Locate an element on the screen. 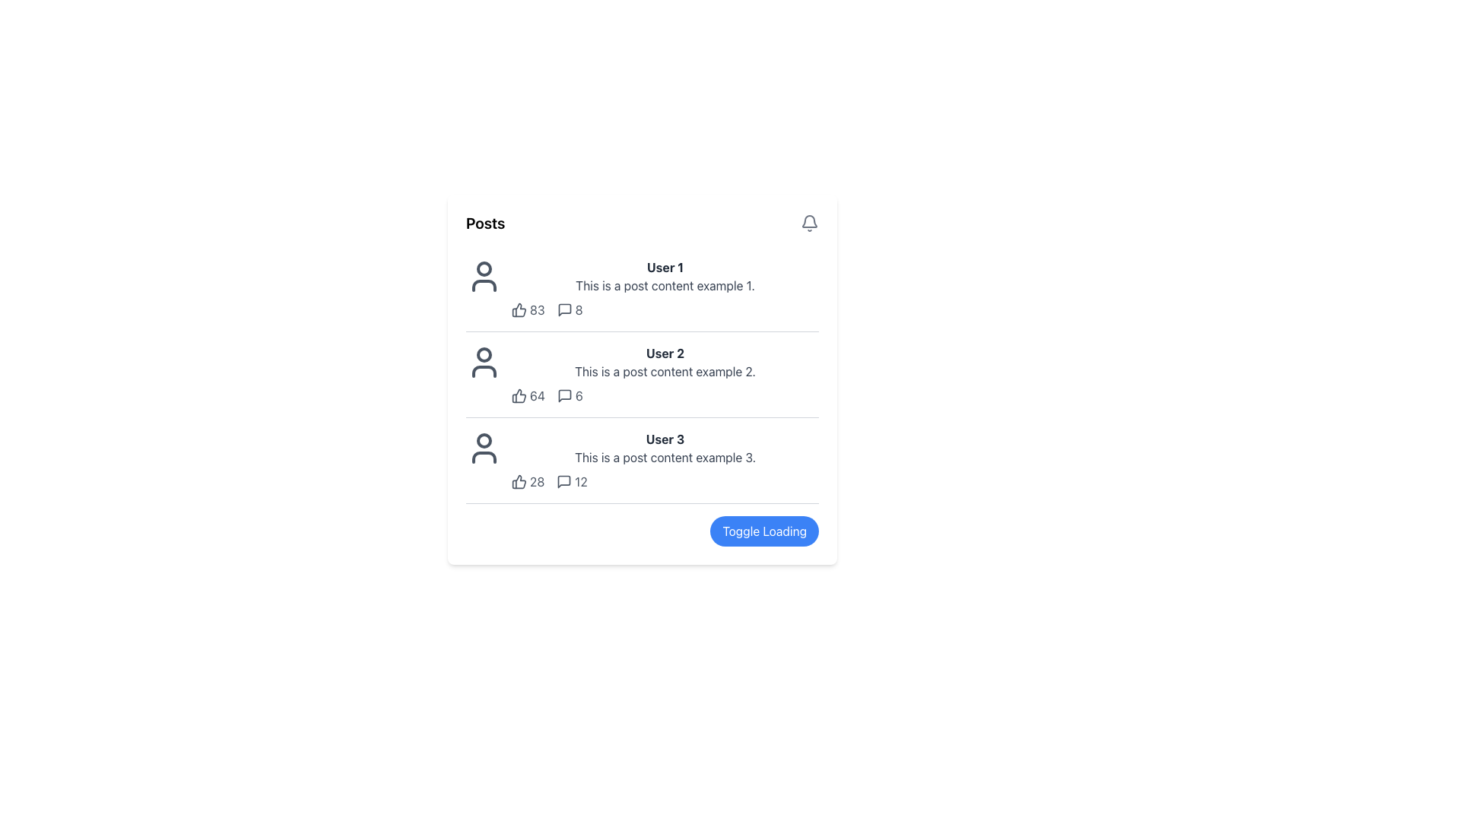 The height and width of the screenshot is (821, 1460). the non-interactive header indicating the 'Posts' section located in the upper-left of the horizontal bar is located at coordinates (484, 223).